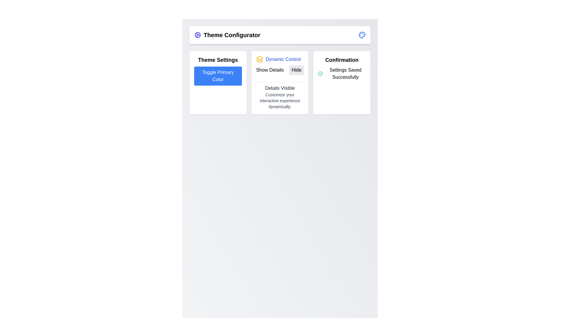  Describe the element at coordinates (362, 35) in the screenshot. I see `the color palette icon located in the top-right corner of the interface, adjacent to a text label` at that location.